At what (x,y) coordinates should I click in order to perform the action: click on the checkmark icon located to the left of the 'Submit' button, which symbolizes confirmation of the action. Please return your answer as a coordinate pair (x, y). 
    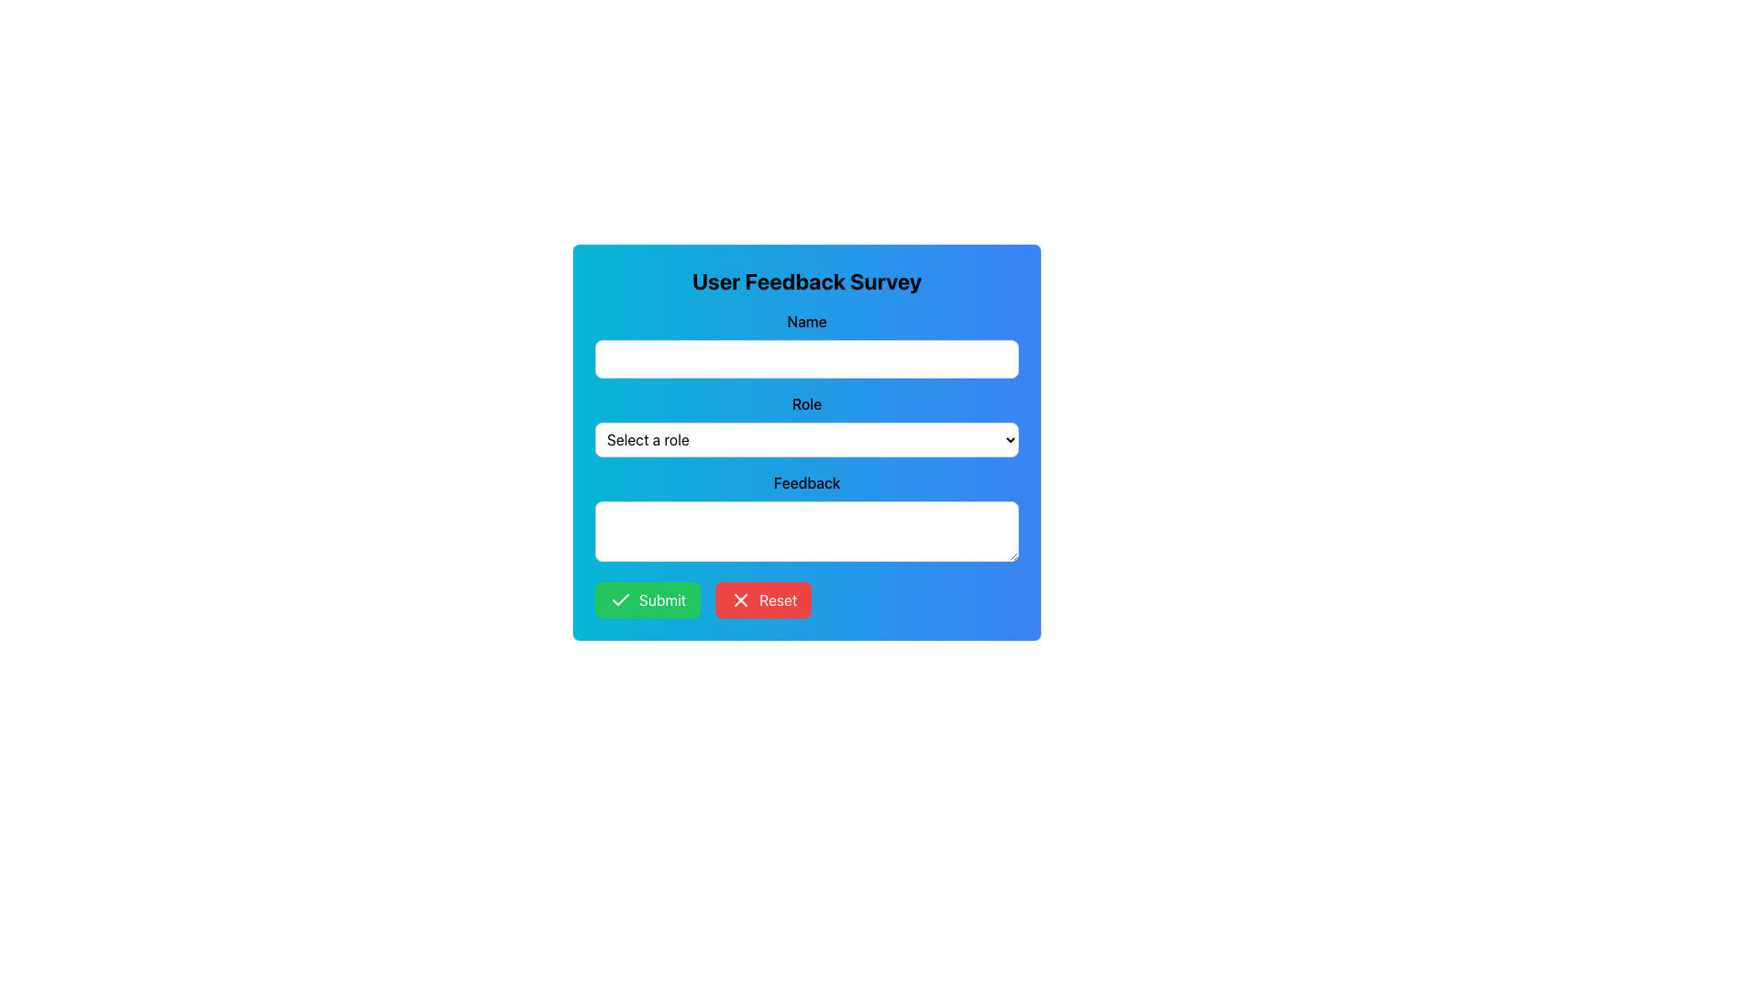
    Looking at the image, I should click on (620, 600).